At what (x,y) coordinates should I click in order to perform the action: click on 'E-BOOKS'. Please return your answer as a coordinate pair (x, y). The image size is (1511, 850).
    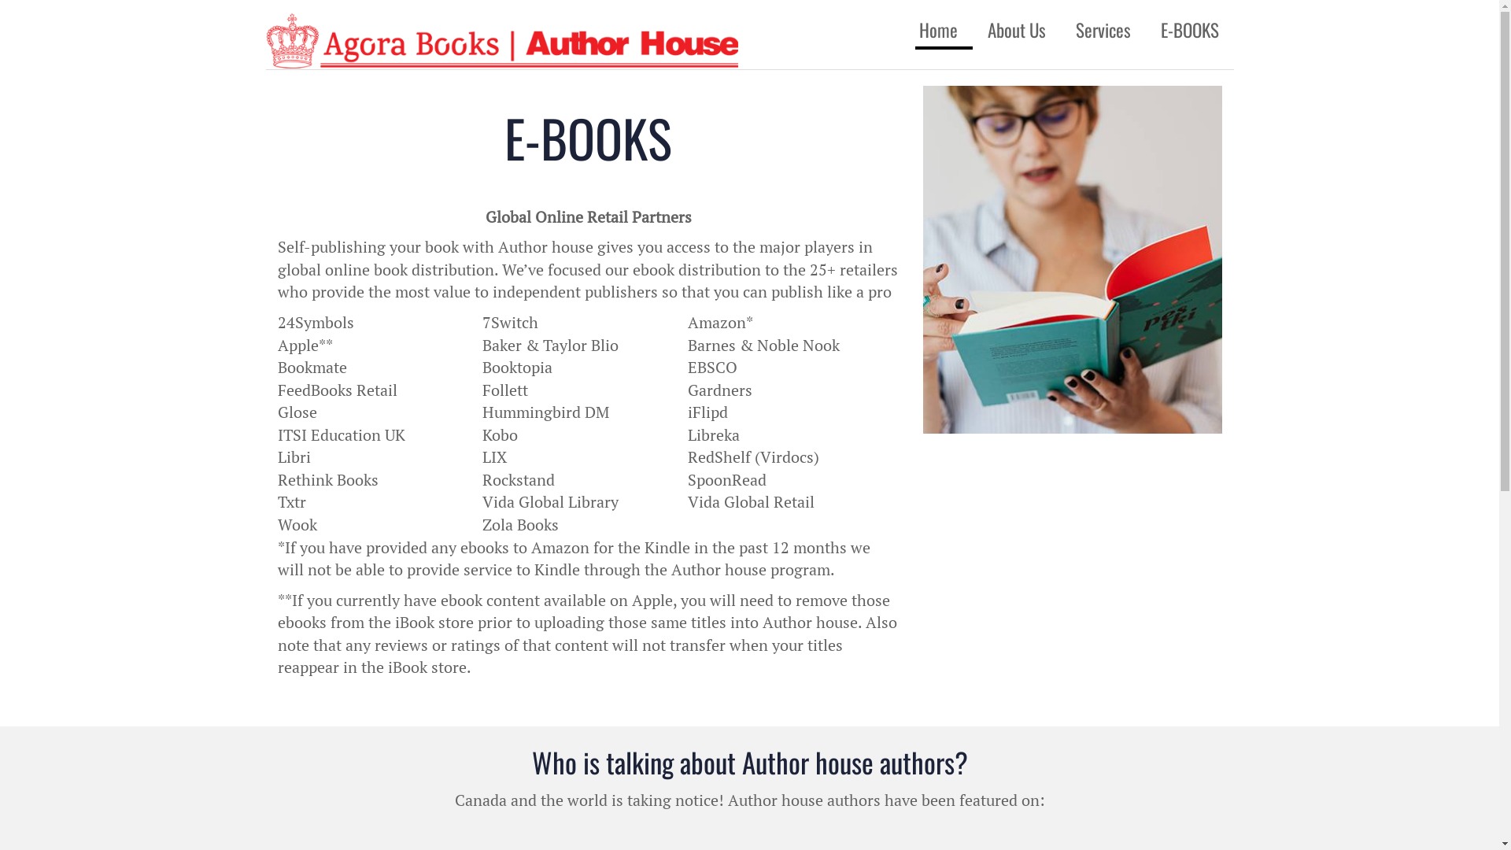
    Looking at the image, I should click on (1190, 30).